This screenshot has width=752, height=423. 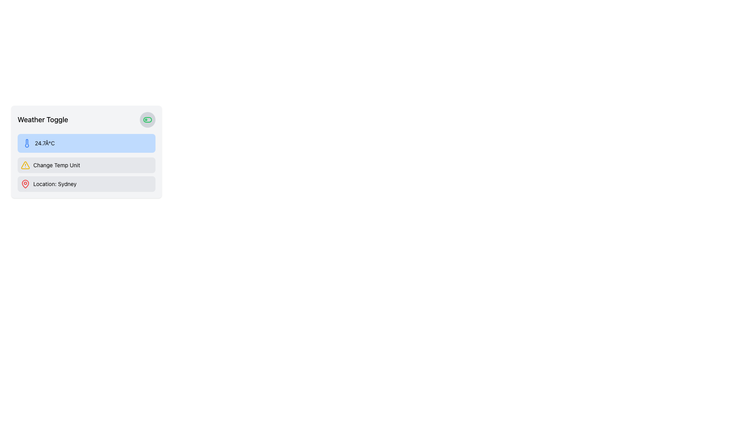 What do you see at coordinates (148, 119) in the screenshot?
I see `the toggle switch, which is a circular, minimalist styled element with a light gray background and a bright green toggle indicating an 'off' position` at bounding box center [148, 119].